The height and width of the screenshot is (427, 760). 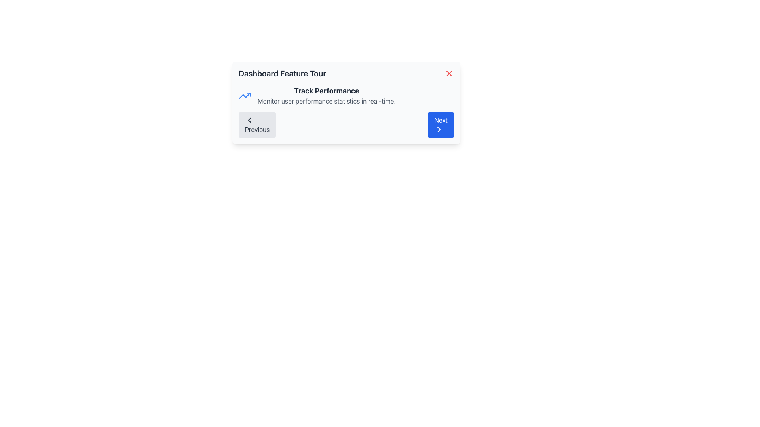 What do you see at coordinates (346, 73) in the screenshot?
I see `header text 'Dashboard Feature Tour' located at the top of the modal card interface, which includes a close button and a small red icon on the right` at bounding box center [346, 73].